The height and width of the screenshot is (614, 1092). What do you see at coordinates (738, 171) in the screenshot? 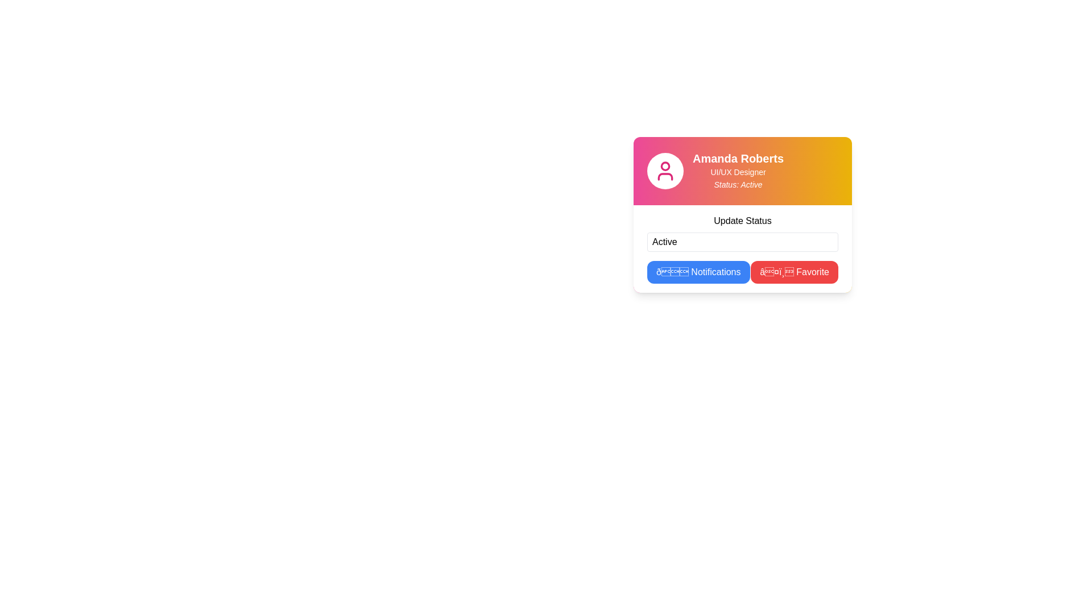
I see `the textual information display component that provides identifying and role-related information about 'Amanda Roberts' to retrieve additional information` at bounding box center [738, 171].